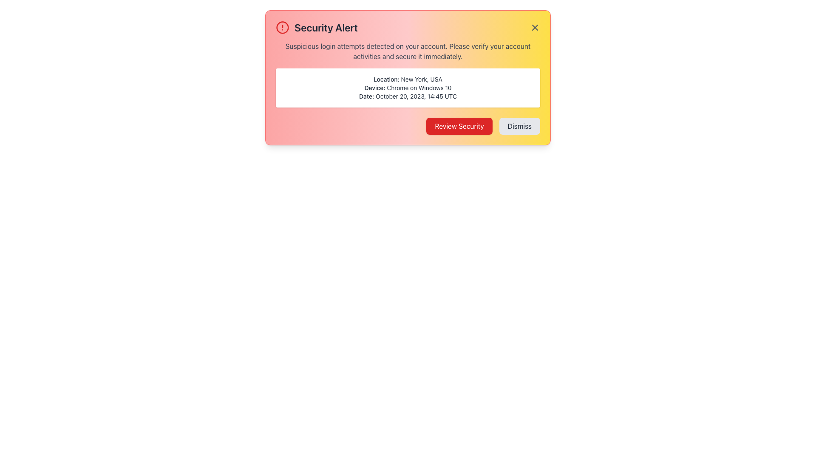 This screenshot has height=459, width=816. Describe the element at coordinates (386, 79) in the screenshot. I see `the text label reading 'Location:' which is part of a security alert dialog box, positioned above additional device and date information` at that location.